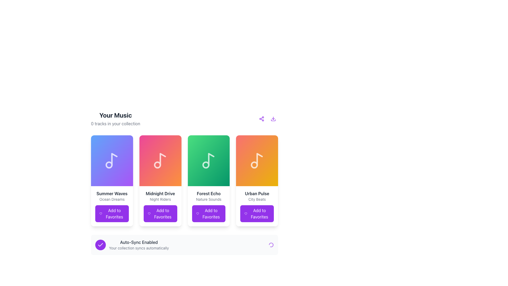  Describe the element at coordinates (259, 213) in the screenshot. I see `the 'Add to Favorites' button located at the bottom center of the 'Urban Pulse' content card to mark it as a favorite` at that location.